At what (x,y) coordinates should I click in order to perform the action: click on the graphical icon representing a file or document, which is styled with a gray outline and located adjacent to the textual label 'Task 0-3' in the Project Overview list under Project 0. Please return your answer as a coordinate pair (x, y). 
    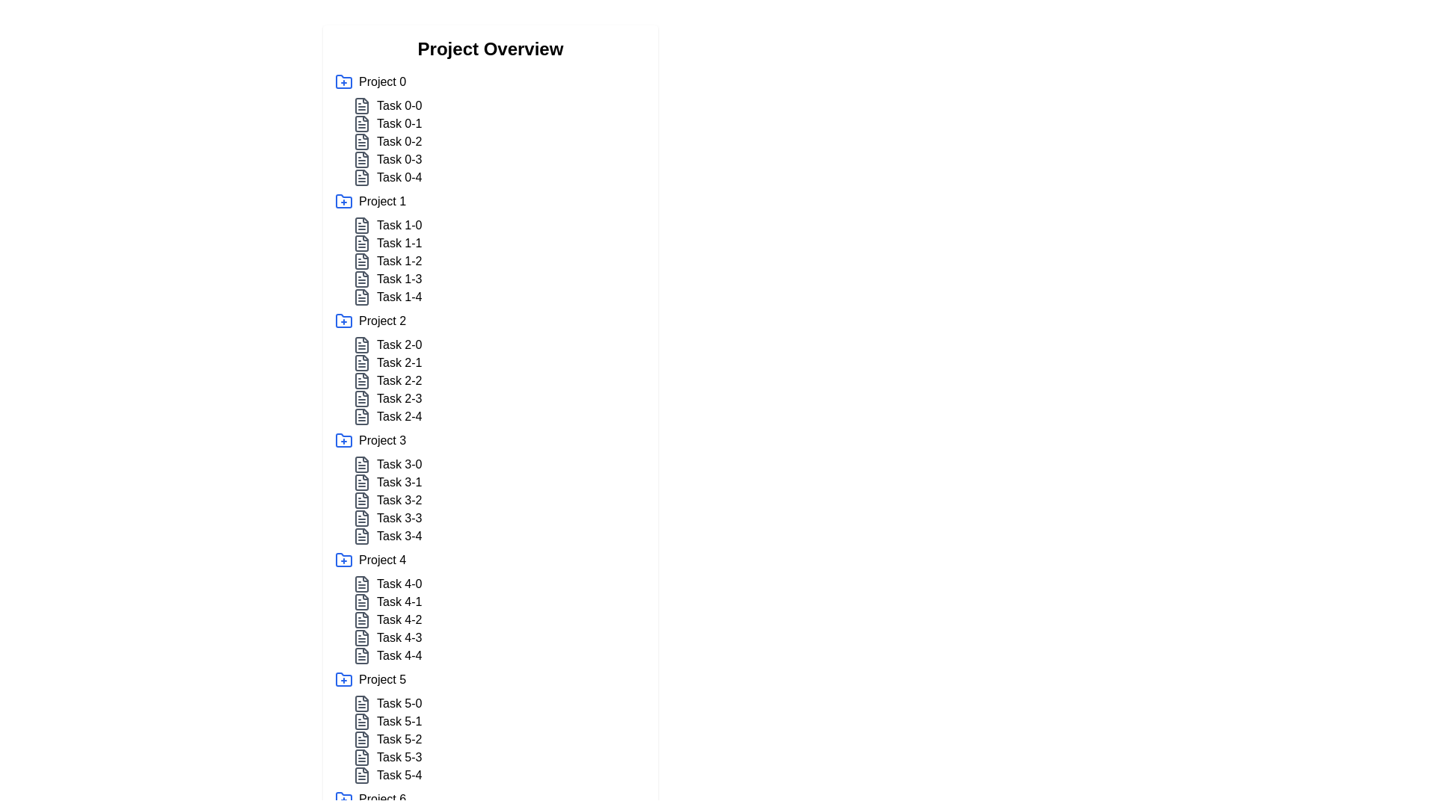
    Looking at the image, I should click on (362, 177).